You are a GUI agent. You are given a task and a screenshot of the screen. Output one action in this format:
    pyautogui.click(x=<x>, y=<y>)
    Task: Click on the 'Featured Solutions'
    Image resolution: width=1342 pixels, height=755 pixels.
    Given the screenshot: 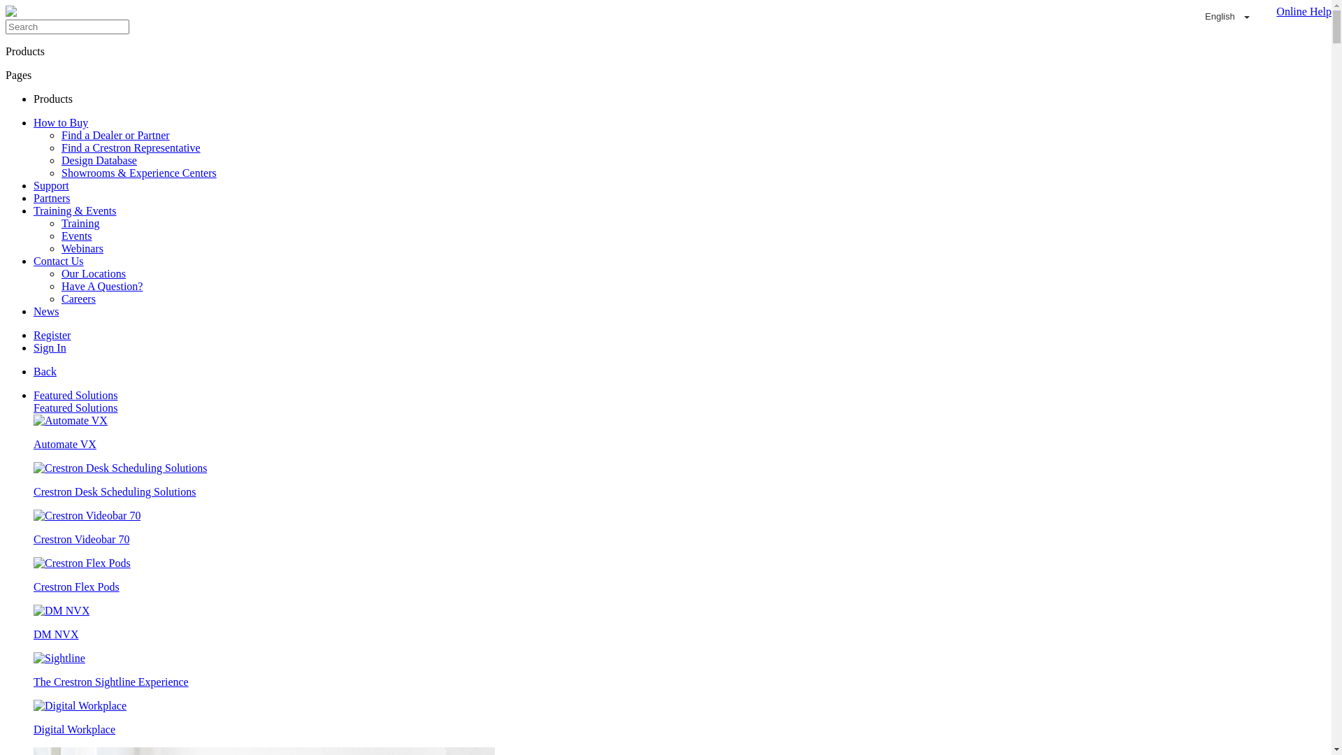 What is the action you would take?
    pyautogui.click(x=74, y=408)
    